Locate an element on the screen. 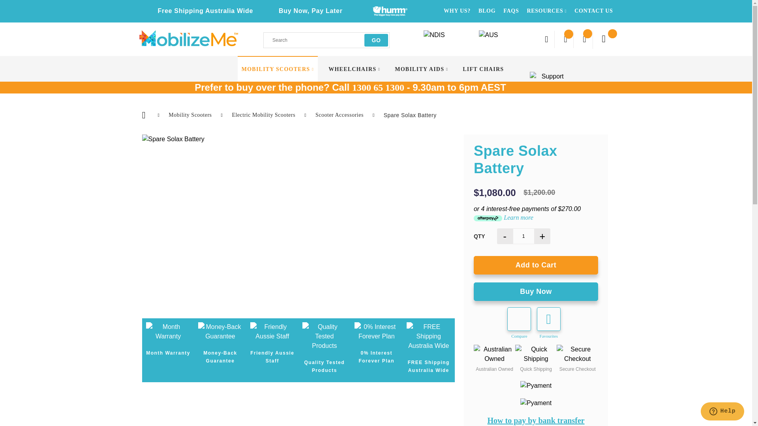 This screenshot has width=758, height=426. 'NDIS' is located at coordinates (422, 38).